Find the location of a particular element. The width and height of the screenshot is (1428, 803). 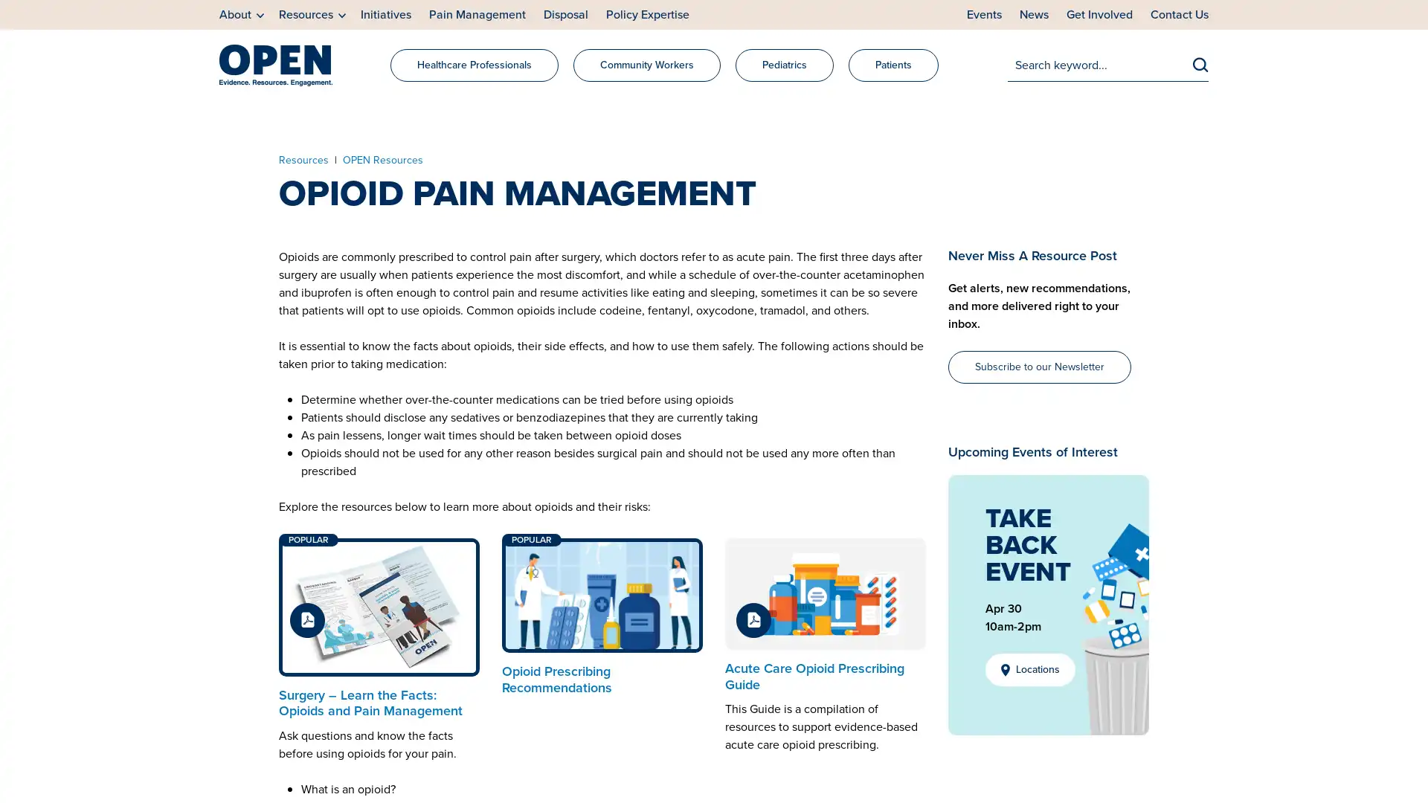

Resources is located at coordinates (312, 15).